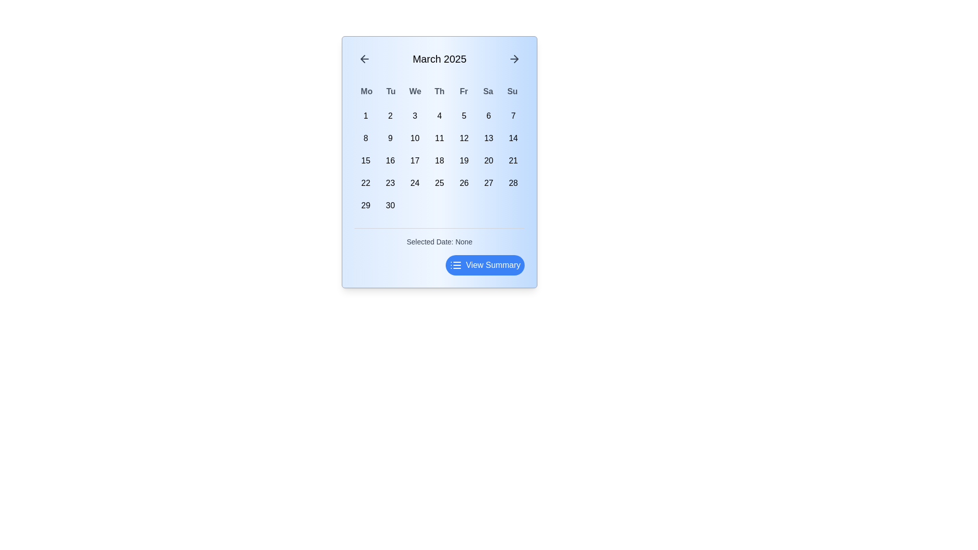 This screenshot has height=550, width=978. What do you see at coordinates (364, 59) in the screenshot?
I see `the left-pointing arrow icon-based button located in the upper left corner of the calendar interface` at bounding box center [364, 59].